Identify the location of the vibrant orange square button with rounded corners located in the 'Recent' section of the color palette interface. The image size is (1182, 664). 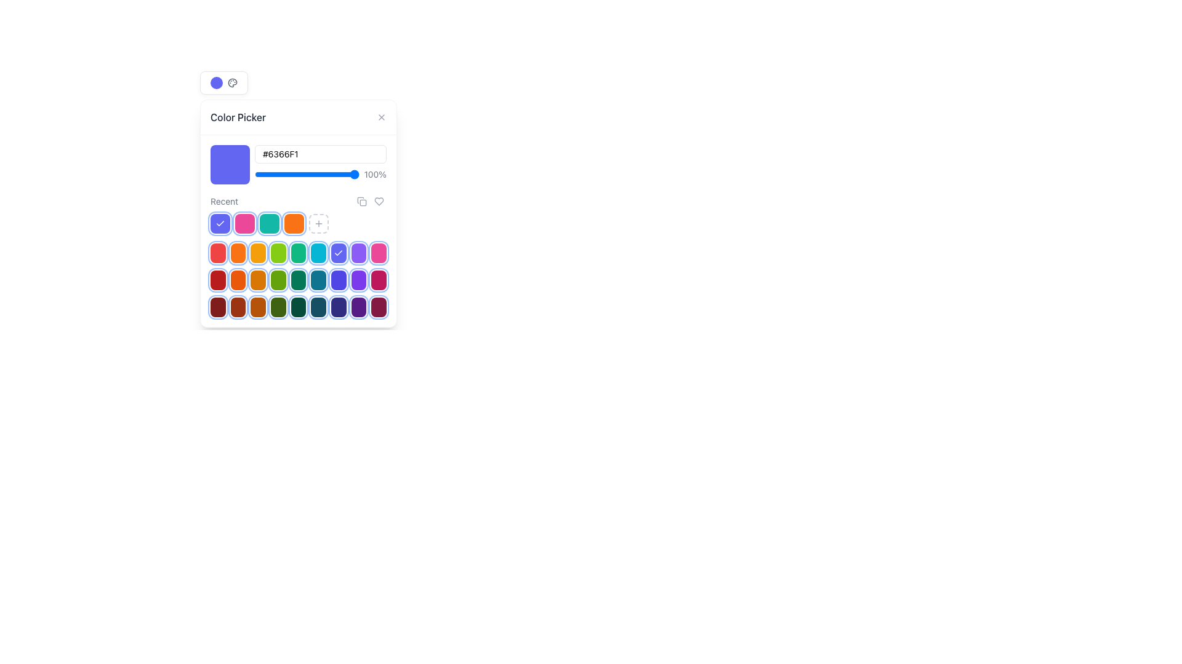
(238, 253).